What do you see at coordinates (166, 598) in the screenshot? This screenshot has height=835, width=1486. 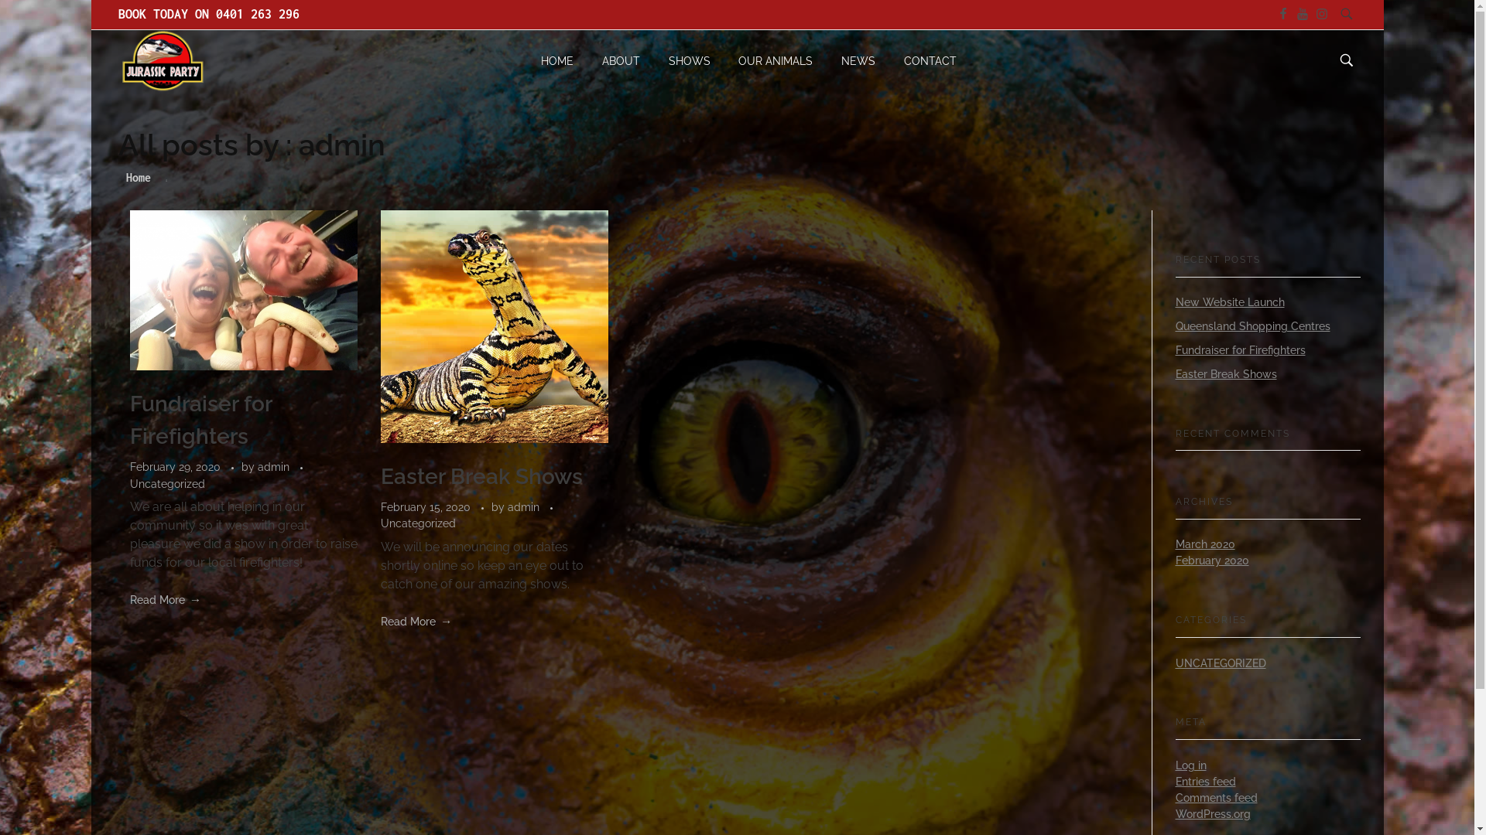 I see `'Read More'` at bounding box center [166, 598].